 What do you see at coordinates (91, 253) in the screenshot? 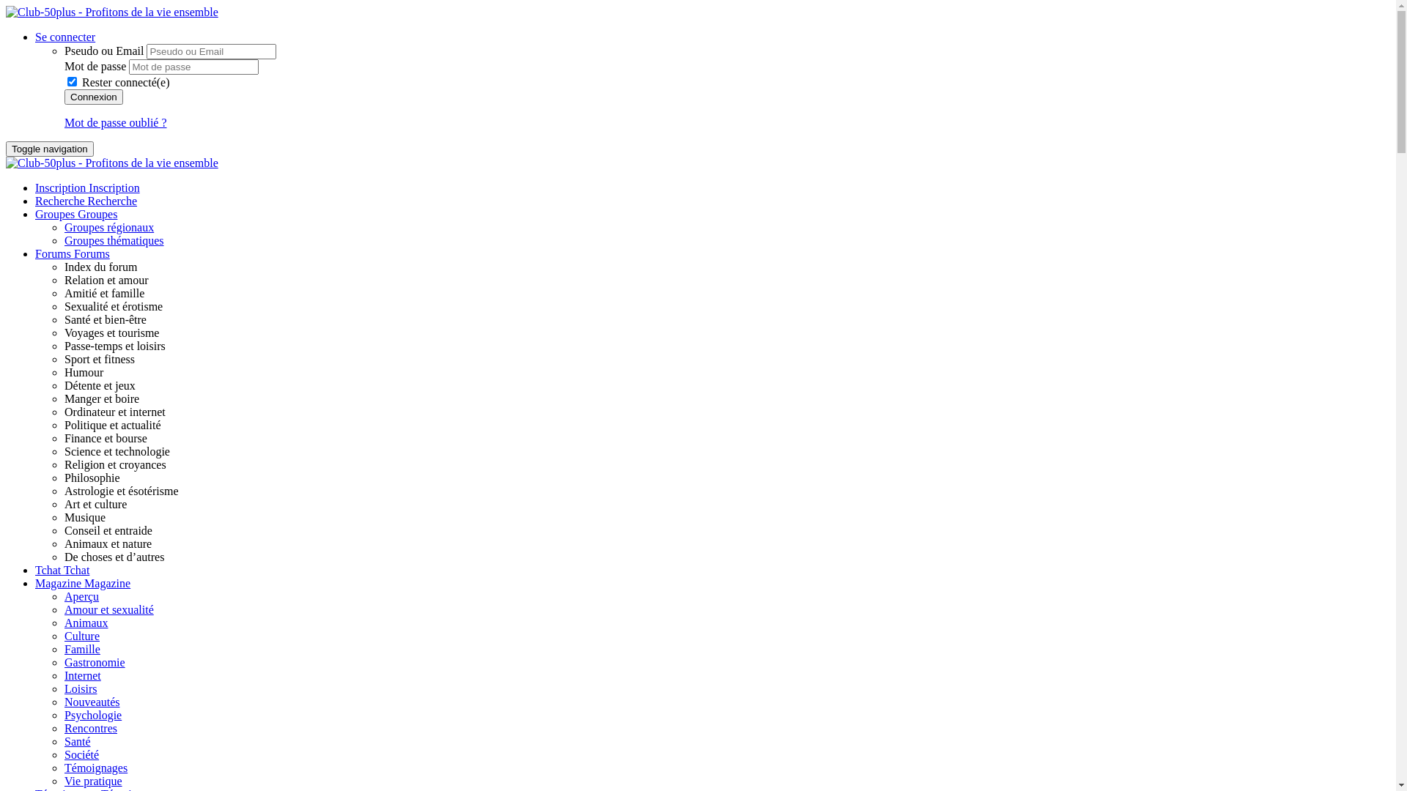
I see `'Forums'` at bounding box center [91, 253].